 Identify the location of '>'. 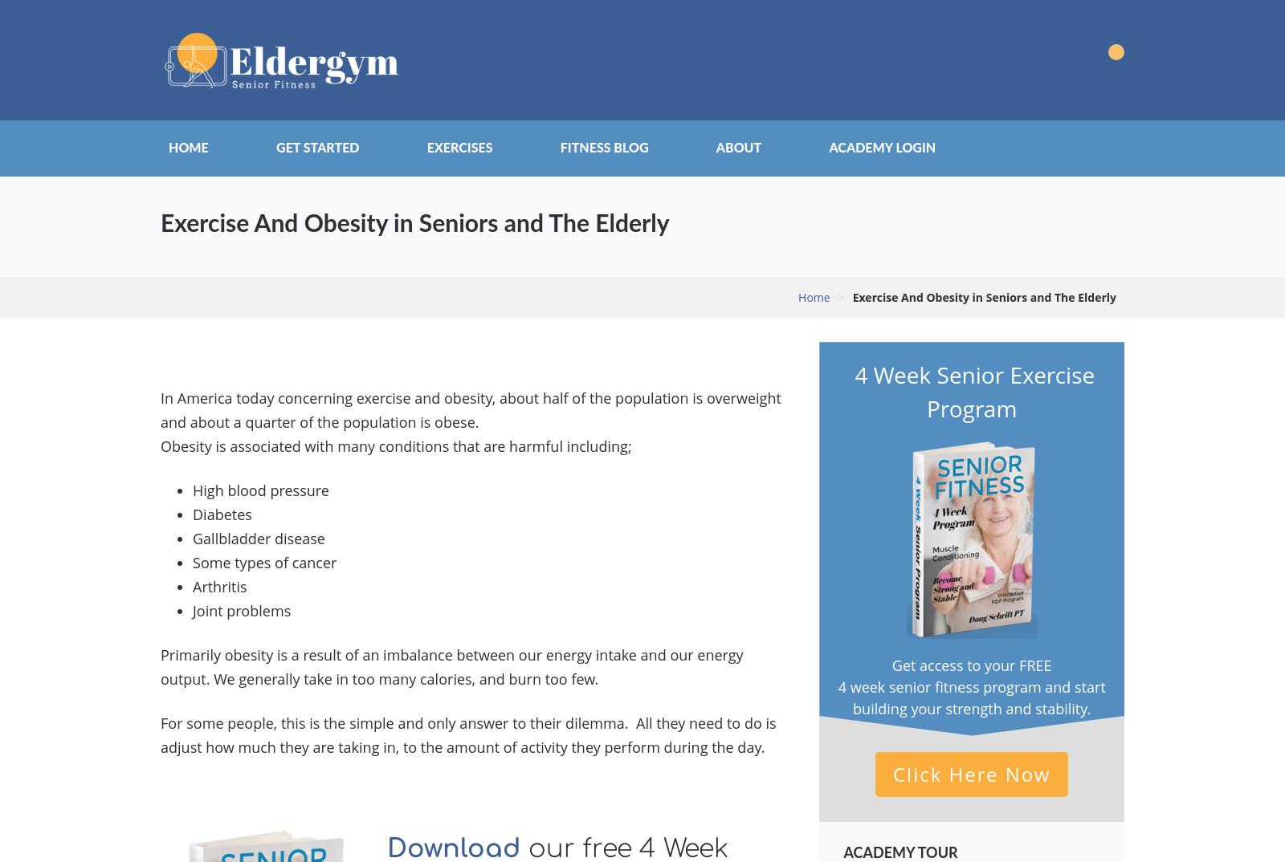
(841, 296).